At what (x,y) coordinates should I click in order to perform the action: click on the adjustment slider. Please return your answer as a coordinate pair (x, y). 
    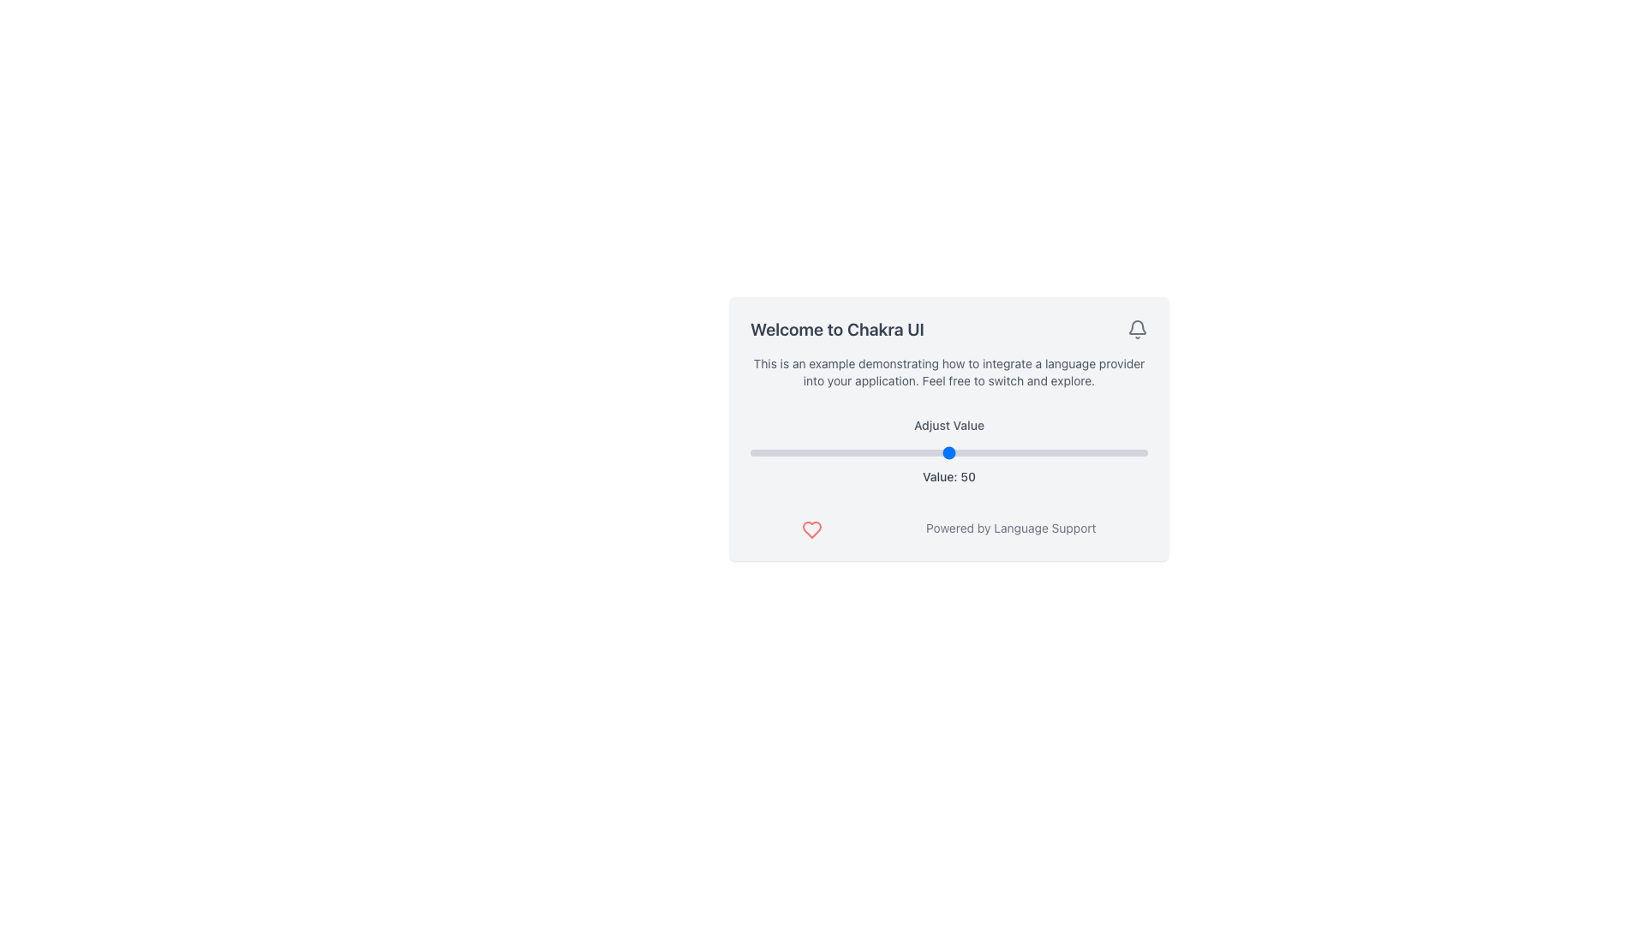
    Looking at the image, I should click on (1092, 451).